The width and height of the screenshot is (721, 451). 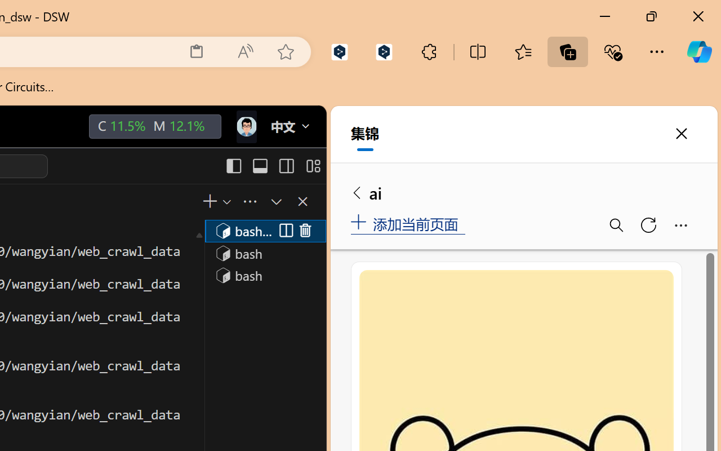 What do you see at coordinates (264, 252) in the screenshot?
I see `'Terminal 2 bash'` at bounding box center [264, 252].